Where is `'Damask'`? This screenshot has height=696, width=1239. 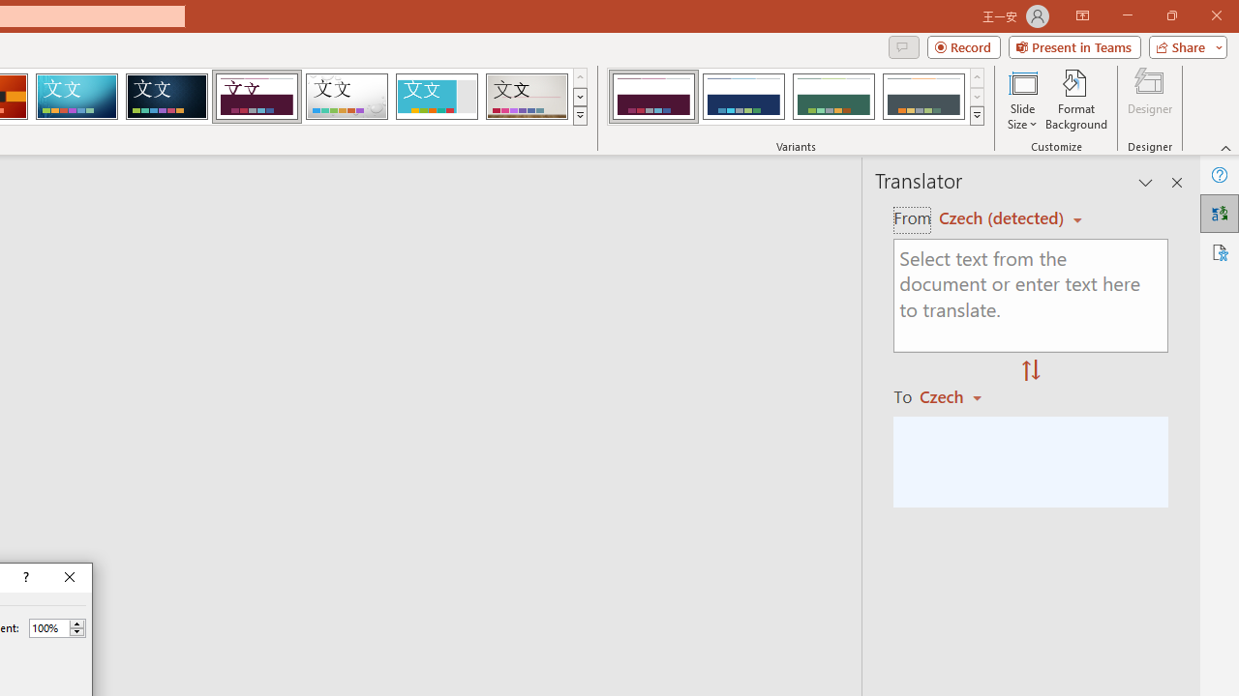 'Damask' is located at coordinates (166, 97).